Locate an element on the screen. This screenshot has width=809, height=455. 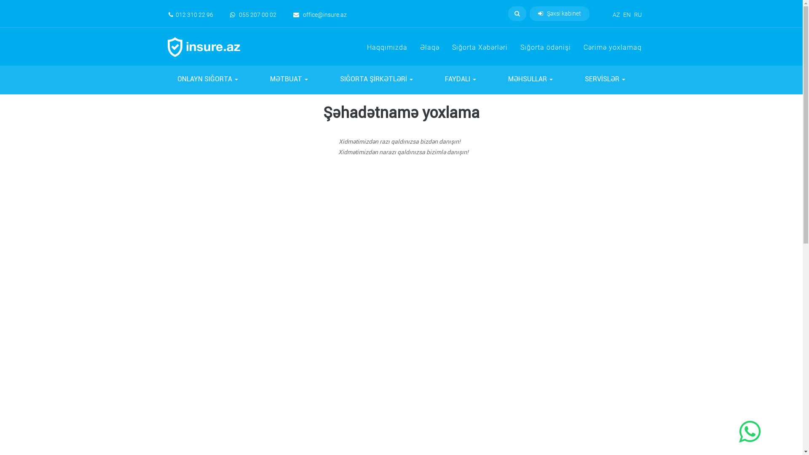
'055 207 00 02' is located at coordinates (252, 14).